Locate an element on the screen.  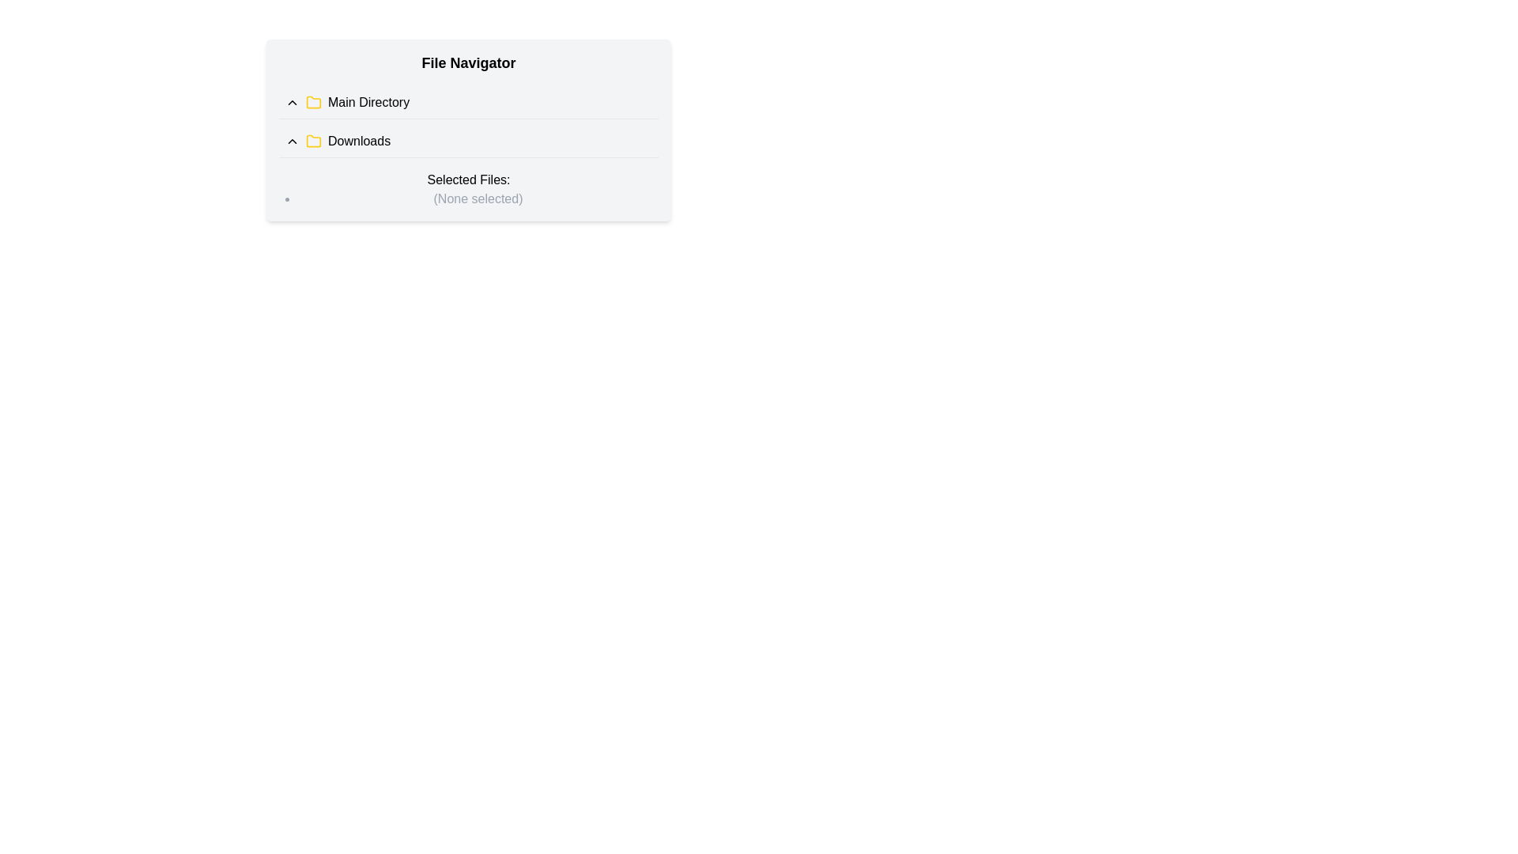
the static text label indicating 'No files selected' in the file navigator sidebar, which is positioned under the 'Selected Files:' heading is located at coordinates (477, 198).